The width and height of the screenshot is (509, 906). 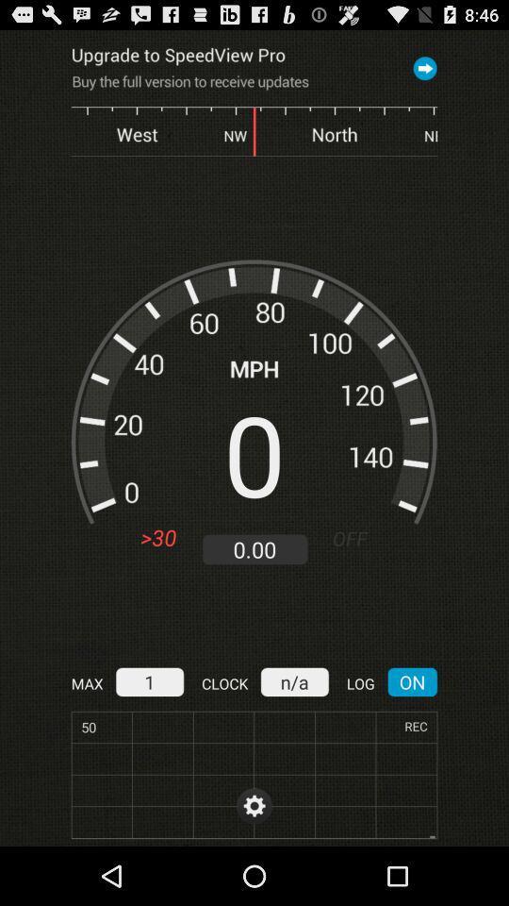 What do you see at coordinates (254, 805) in the screenshot?
I see `app settings` at bounding box center [254, 805].